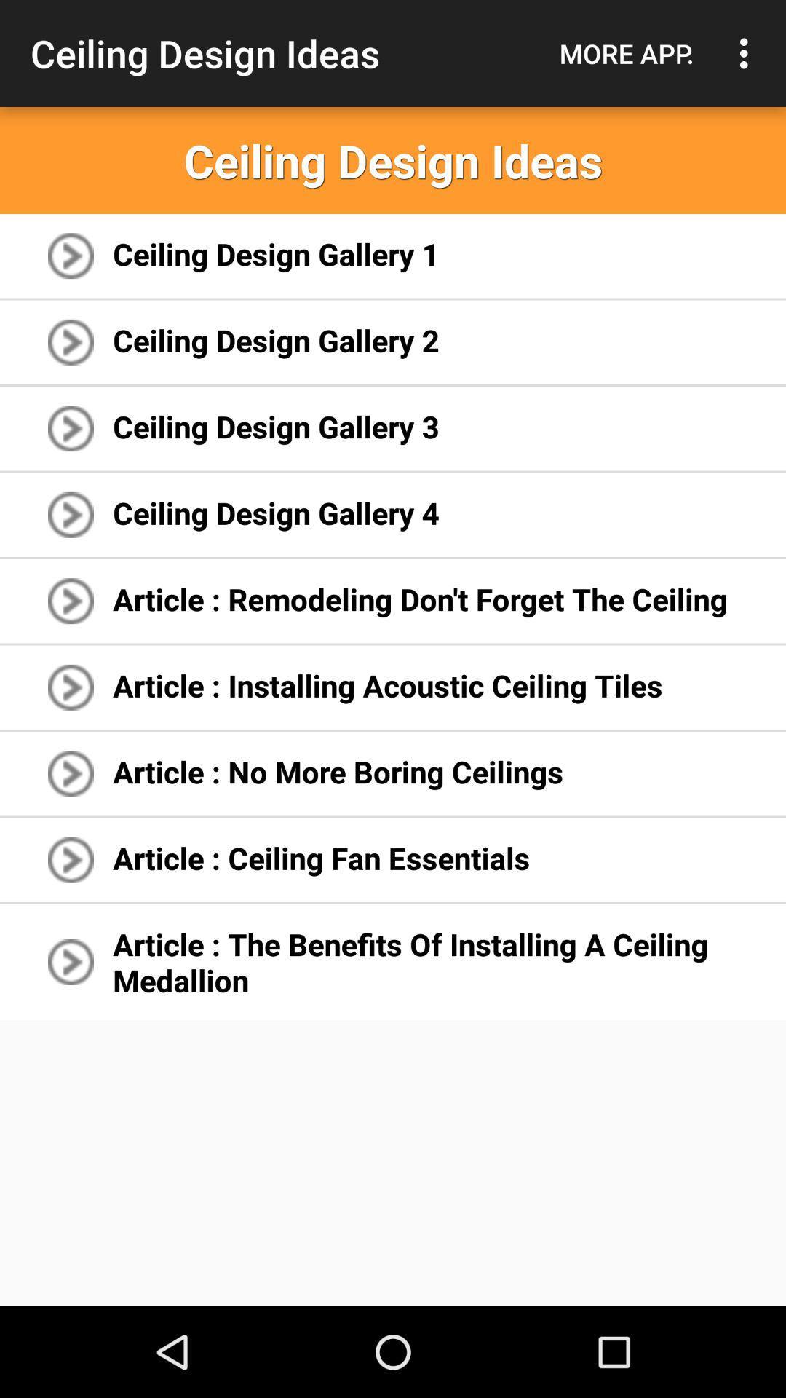 This screenshot has width=786, height=1398. I want to click on the fourth arrow from bottom, so click(71, 687).